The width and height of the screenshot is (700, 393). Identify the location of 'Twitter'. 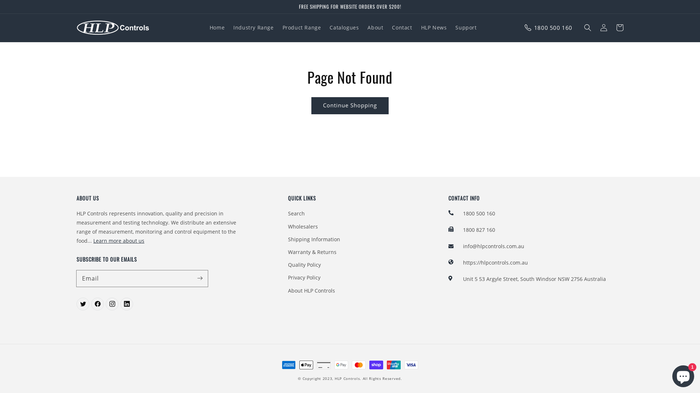
(97, 304).